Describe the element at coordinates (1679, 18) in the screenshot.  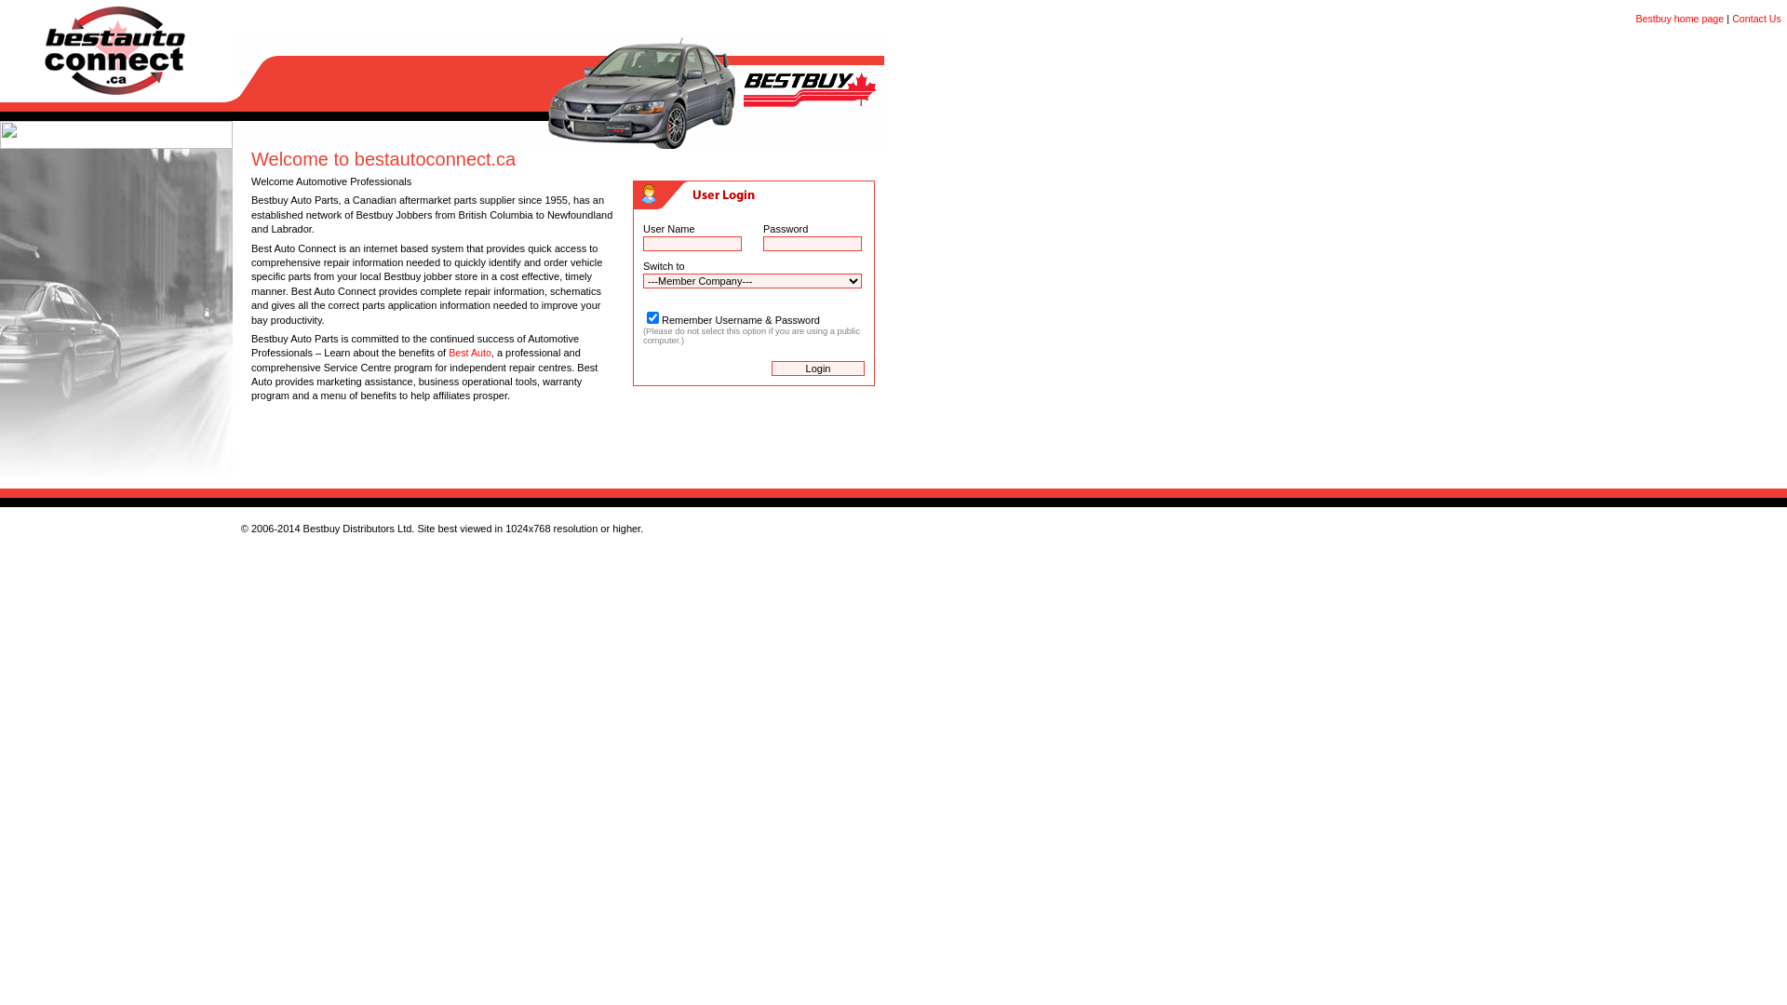
I see `'Bestbuy home page'` at that location.